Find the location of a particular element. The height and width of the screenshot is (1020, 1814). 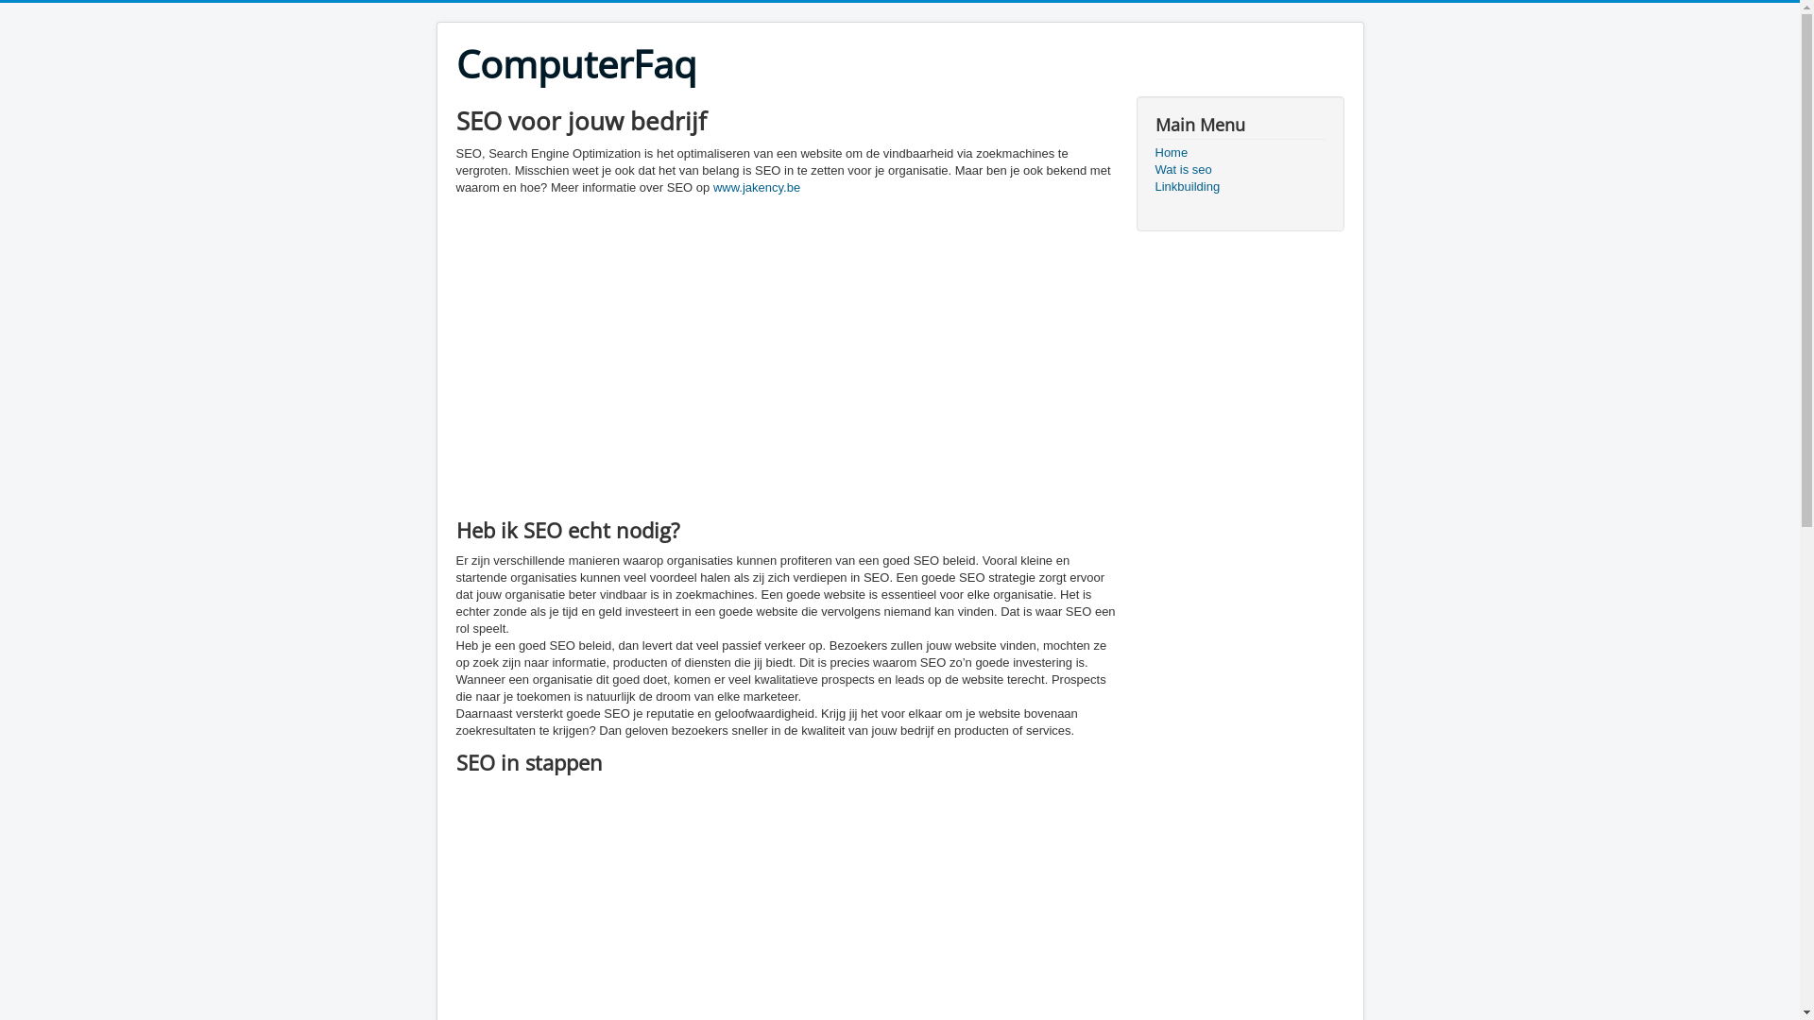

'www.jakency.be' is located at coordinates (757, 187).